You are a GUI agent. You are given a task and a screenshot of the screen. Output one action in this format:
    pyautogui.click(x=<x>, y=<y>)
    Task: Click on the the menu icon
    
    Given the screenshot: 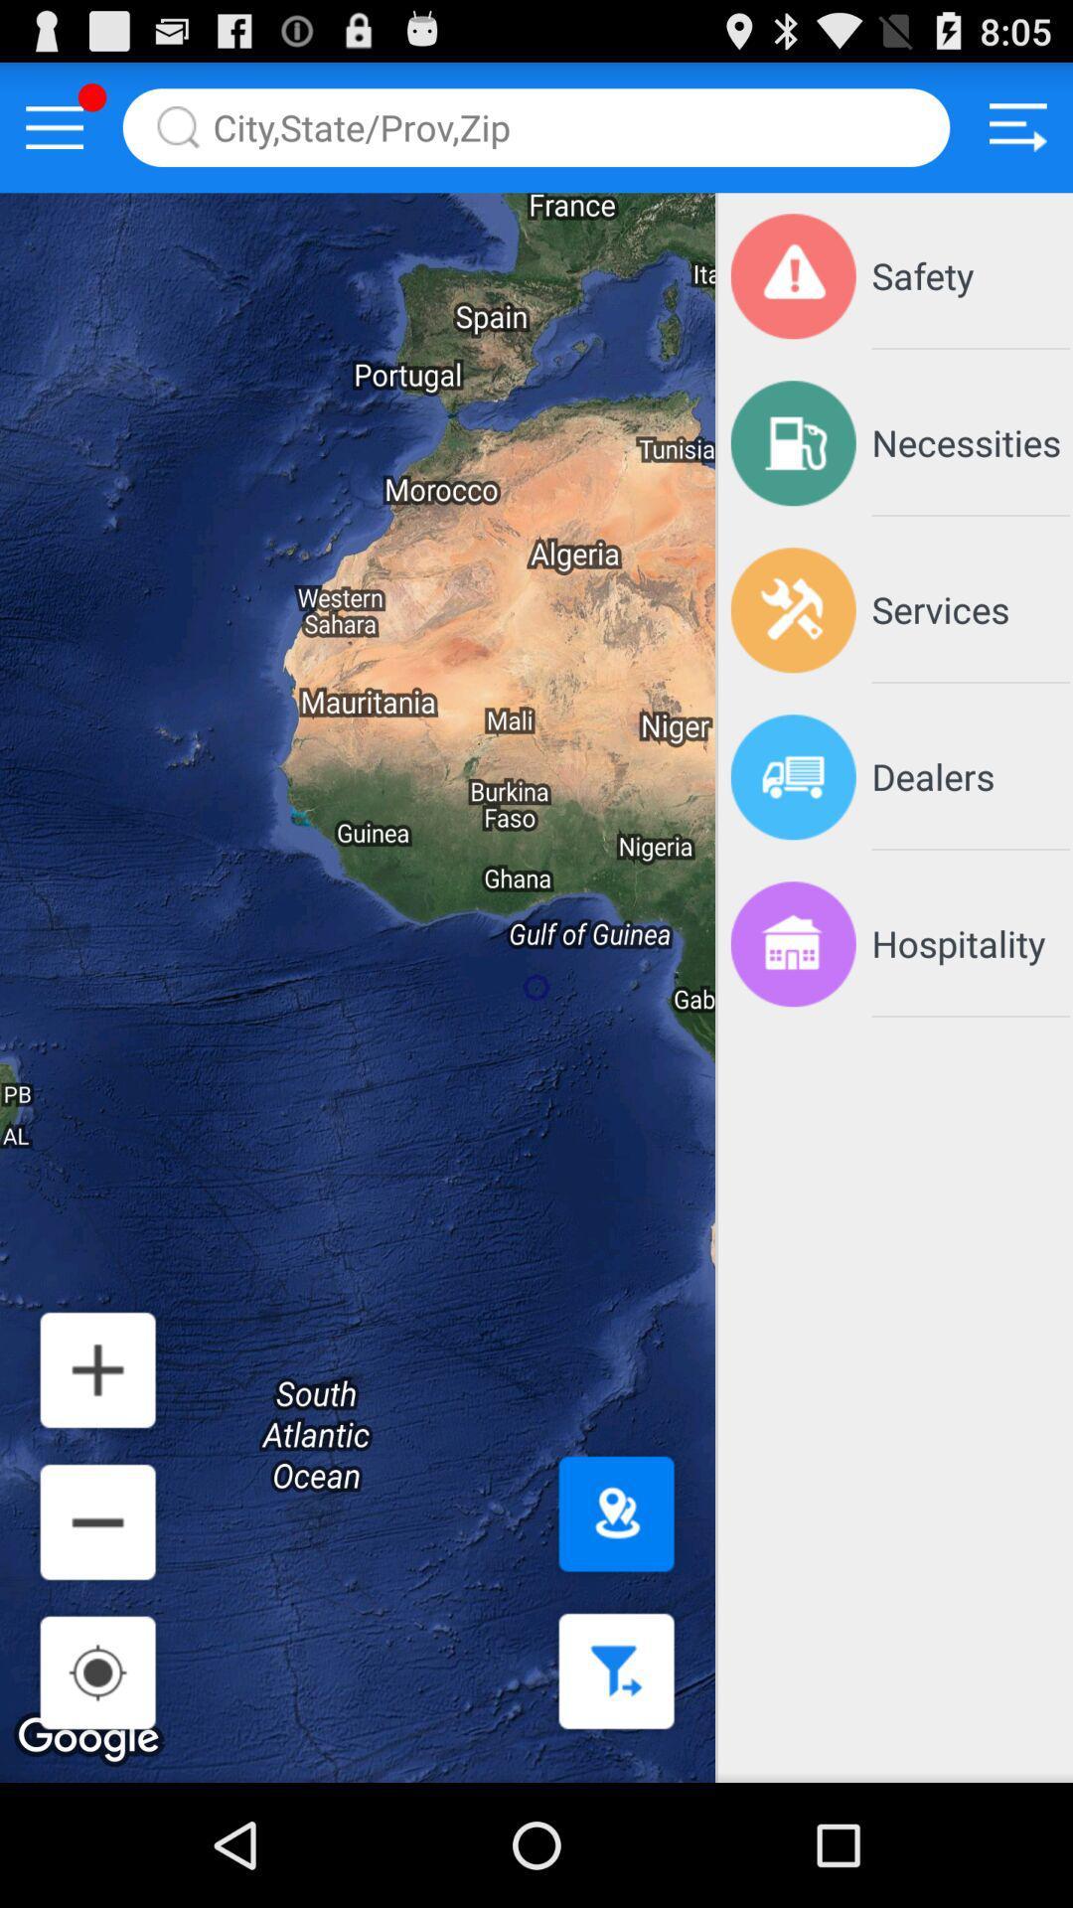 What is the action you would take?
    pyautogui.click(x=54, y=135)
    